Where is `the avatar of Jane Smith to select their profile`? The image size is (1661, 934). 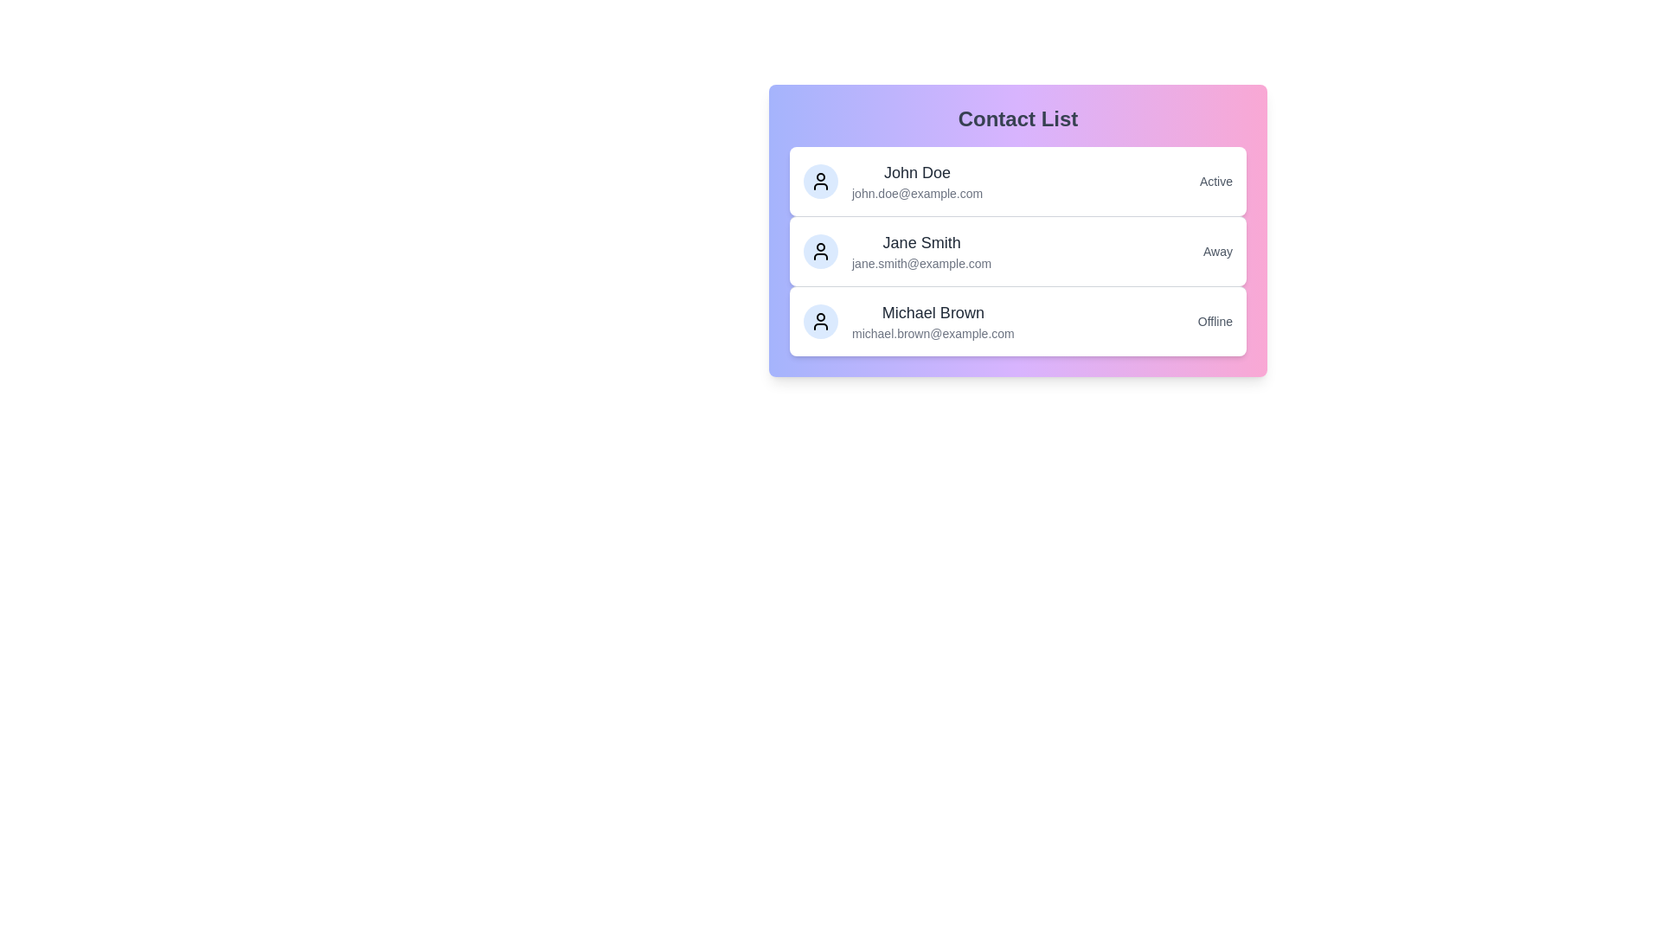
the avatar of Jane Smith to select their profile is located at coordinates (820, 251).